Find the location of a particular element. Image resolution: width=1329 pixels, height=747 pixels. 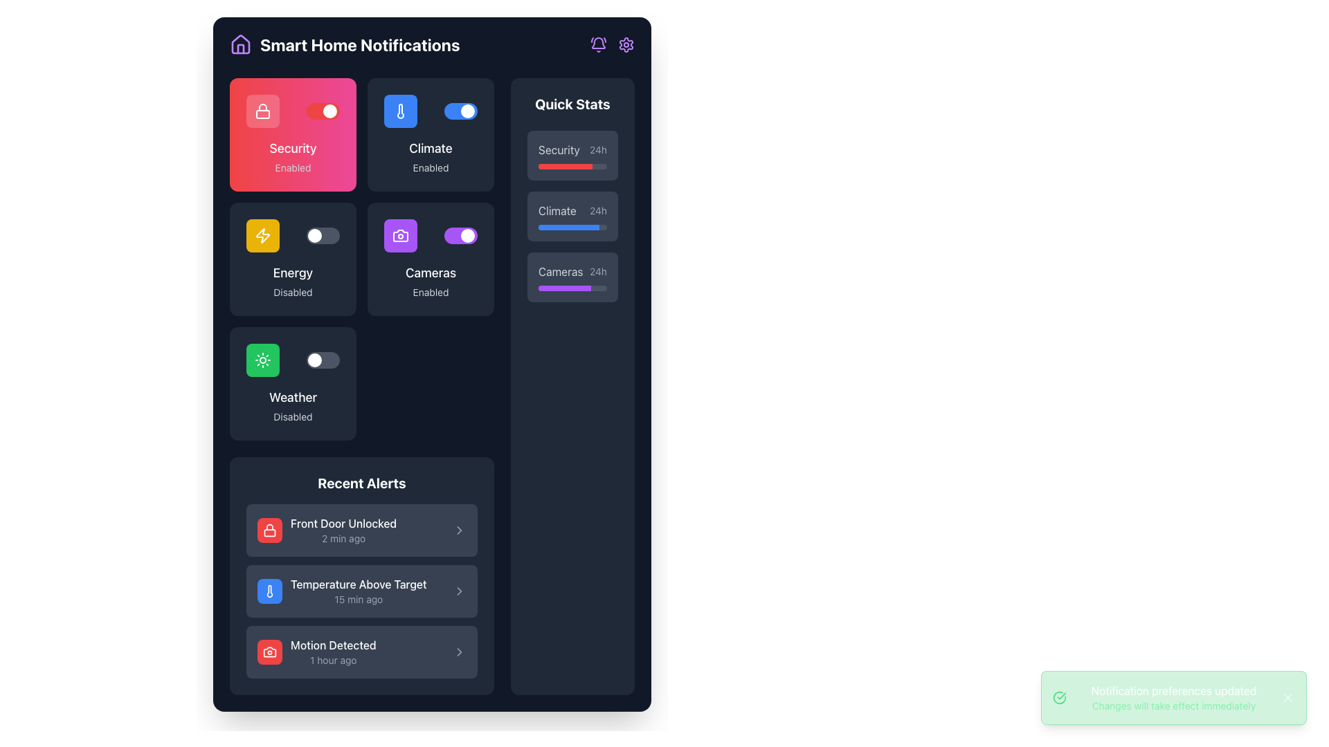

the static text label that says 'Temperature Above Target' in the 'Recent Alerts' section, which is displayed in white font on a blue background is located at coordinates (359, 584).